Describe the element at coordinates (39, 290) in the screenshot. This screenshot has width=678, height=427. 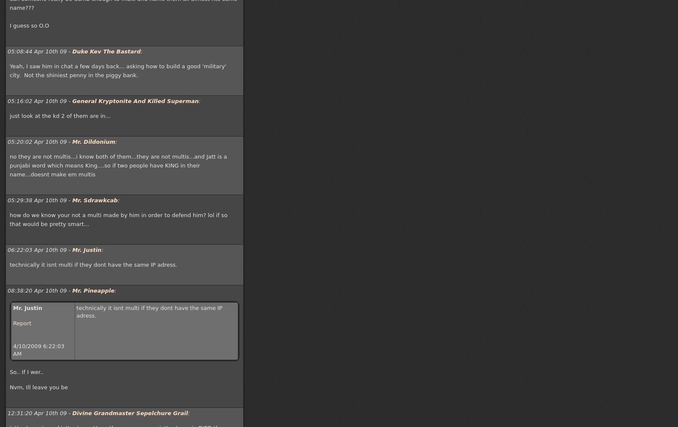
I see `'08:38:20 Apr 10th 09  -'` at that location.